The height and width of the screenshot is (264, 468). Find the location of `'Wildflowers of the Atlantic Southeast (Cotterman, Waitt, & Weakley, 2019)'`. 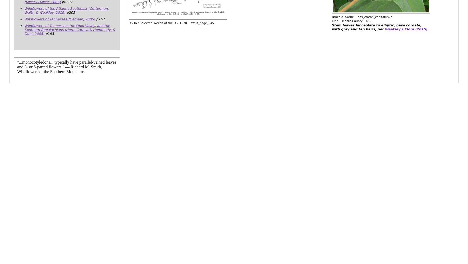

'Wildflowers of the Atlantic Southeast (Cotterman, Waitt, & Weakley, 2019)' is located at coordinates (67, 10).